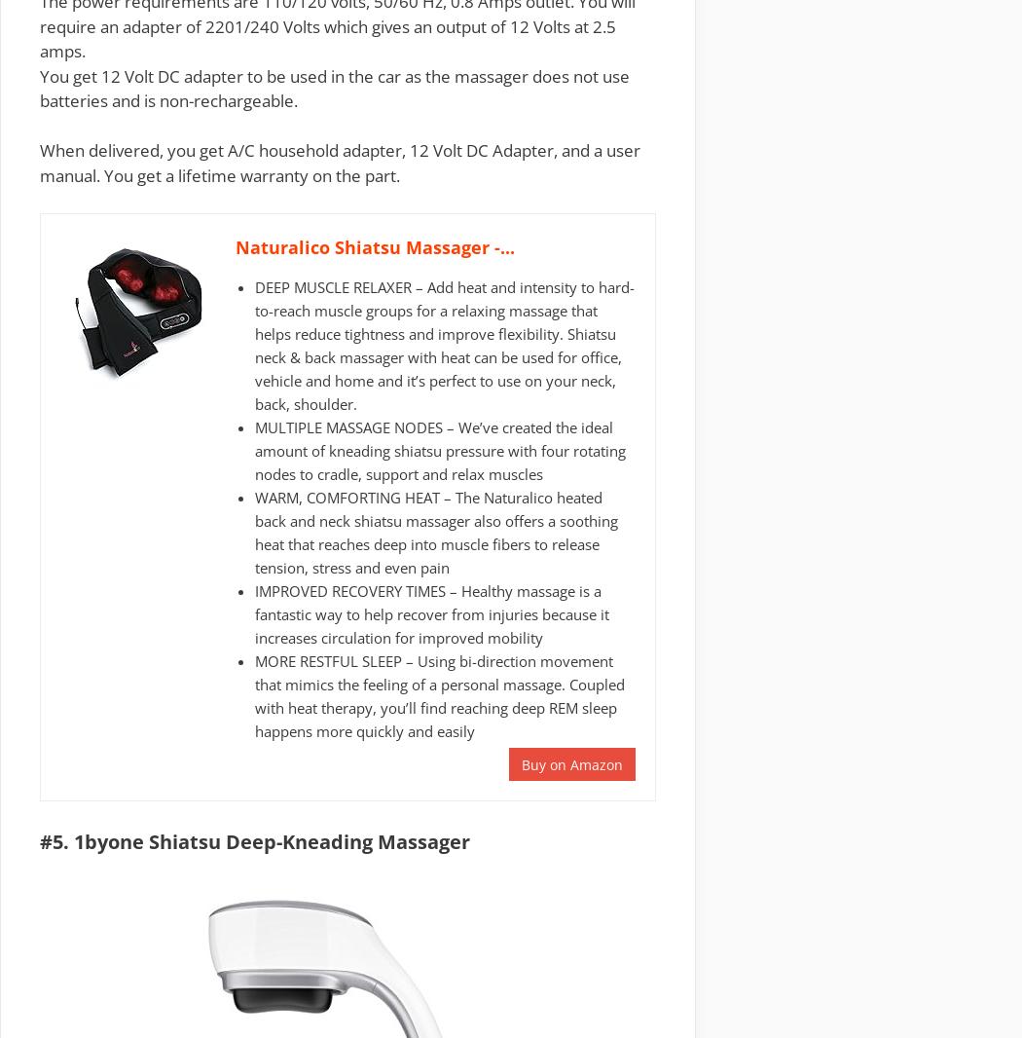  Describe the element at coordinates (295, 99) in the screenshot. I see `'.'` at that location.